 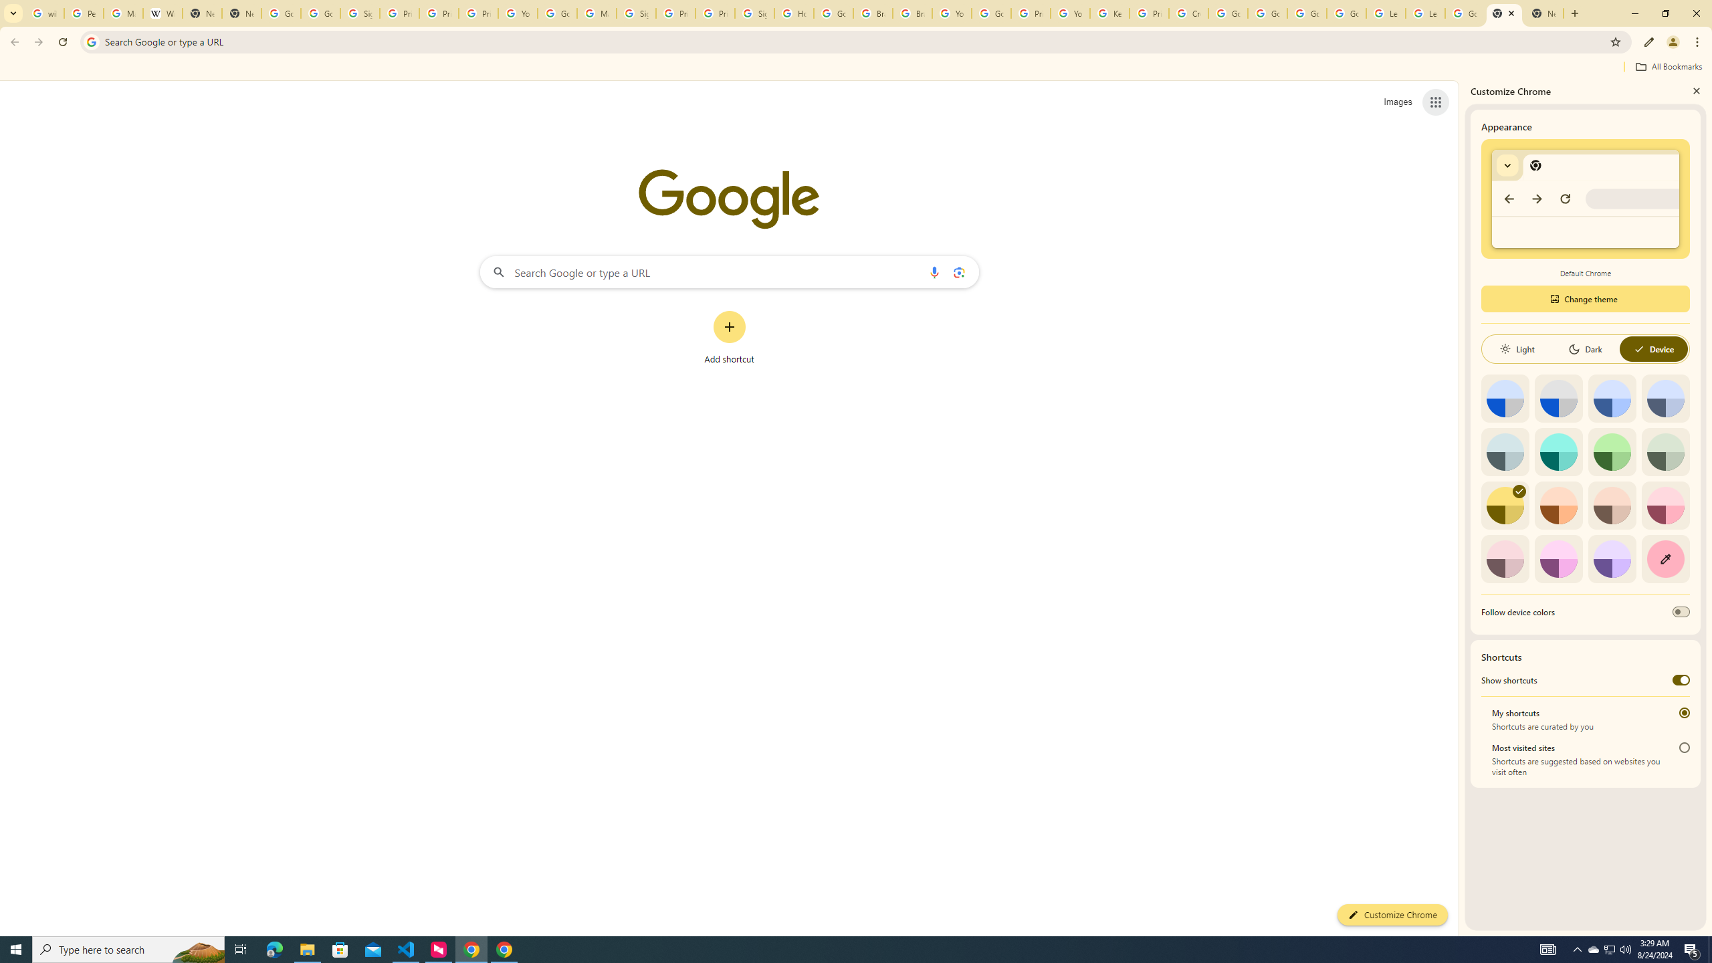 I want to click on 'Fuchsia', so click(x=1558, y=558).